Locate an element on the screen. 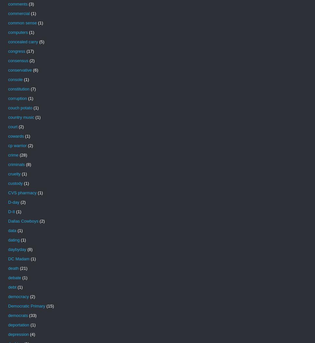 This screenshot has height=343, width=315. '(7)' is located at coordinates (33, 89).